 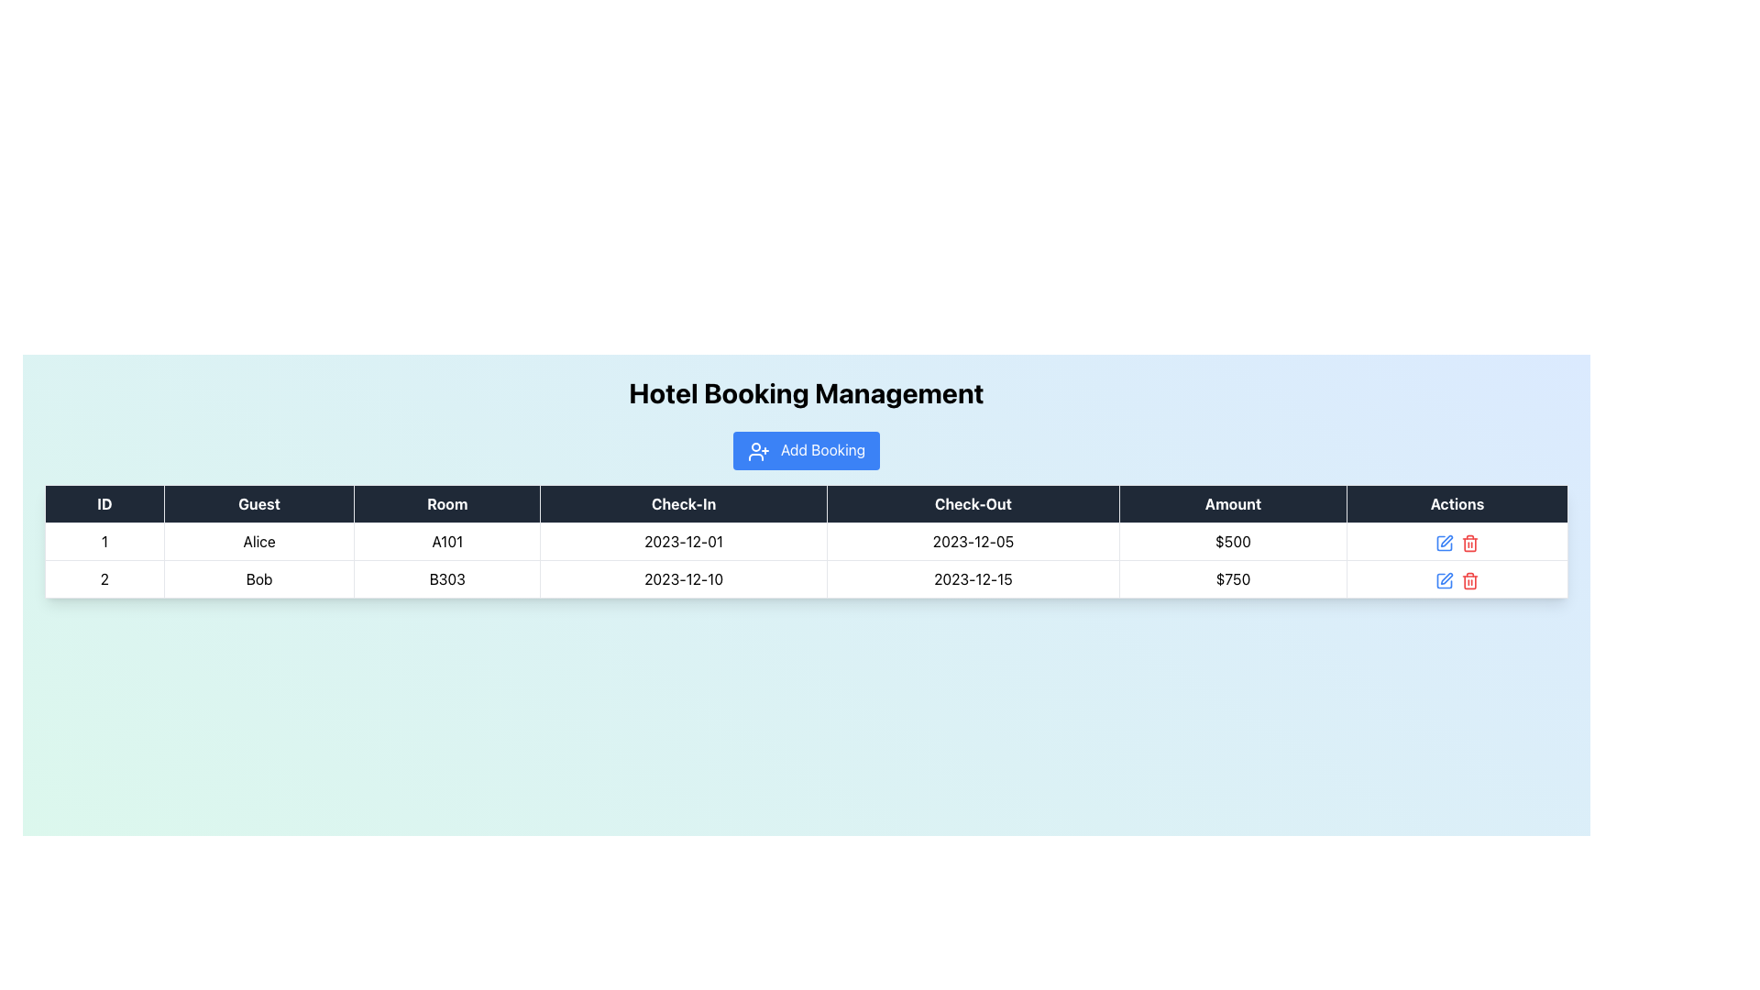 What do you see at coordinates (683, 578) in the screenshot?
I see `static text field displaying the date '2023-12-10' located in the 'Check-In' column of the table for 'Bob'` at bounding box center [683, 578].